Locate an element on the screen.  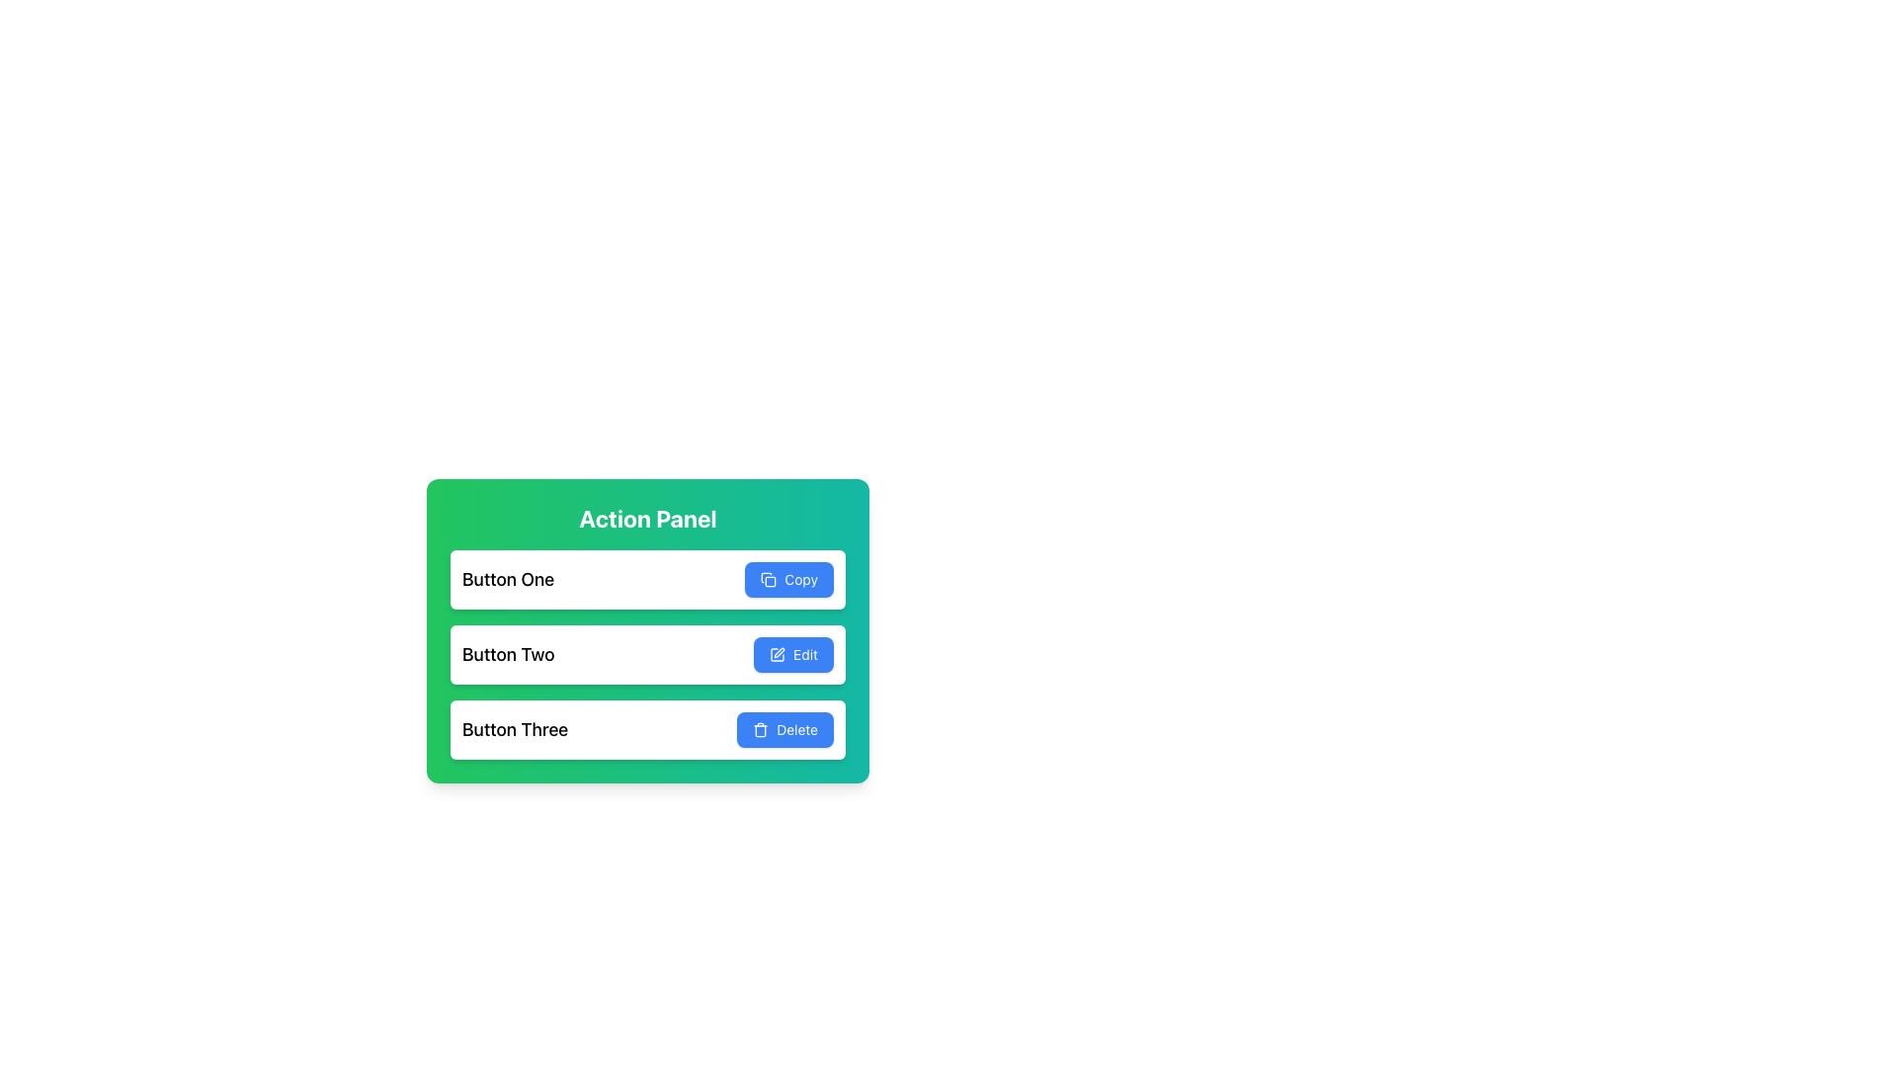
the edit icon within the blue rectangular button labeled 'Edit' in the 'Action Panel' is located at coordinates (777, 655).